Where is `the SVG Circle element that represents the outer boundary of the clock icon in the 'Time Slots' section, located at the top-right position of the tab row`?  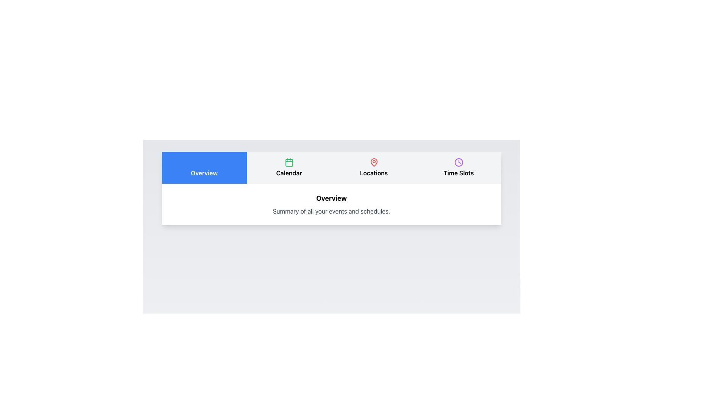
the SVG Circle element that represents the outer boundary of the clock icon in the 'Time Slots' section, located at the top-right position of the tab row is located at coordinates (458, 162).